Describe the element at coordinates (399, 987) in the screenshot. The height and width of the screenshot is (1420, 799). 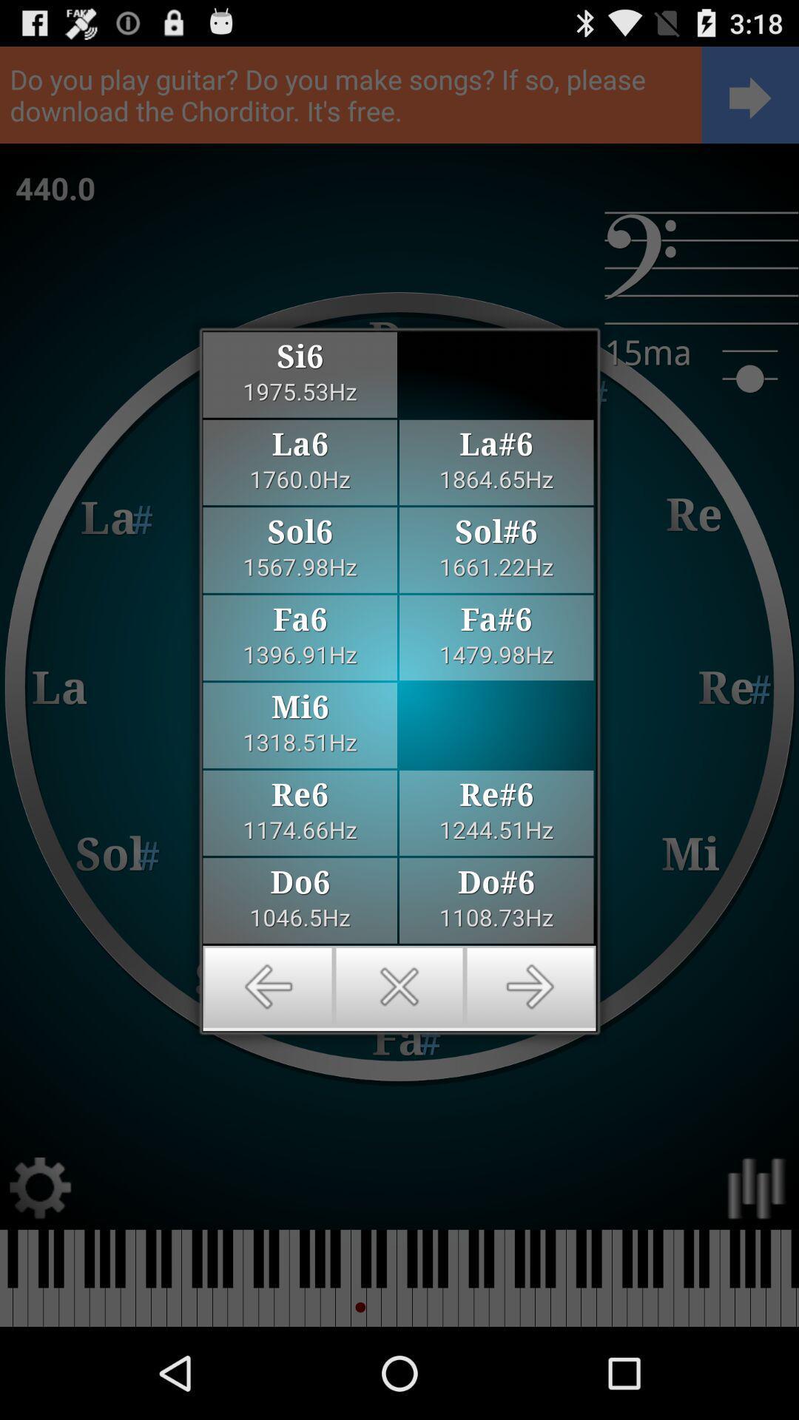
I see `exit the page` at that location.